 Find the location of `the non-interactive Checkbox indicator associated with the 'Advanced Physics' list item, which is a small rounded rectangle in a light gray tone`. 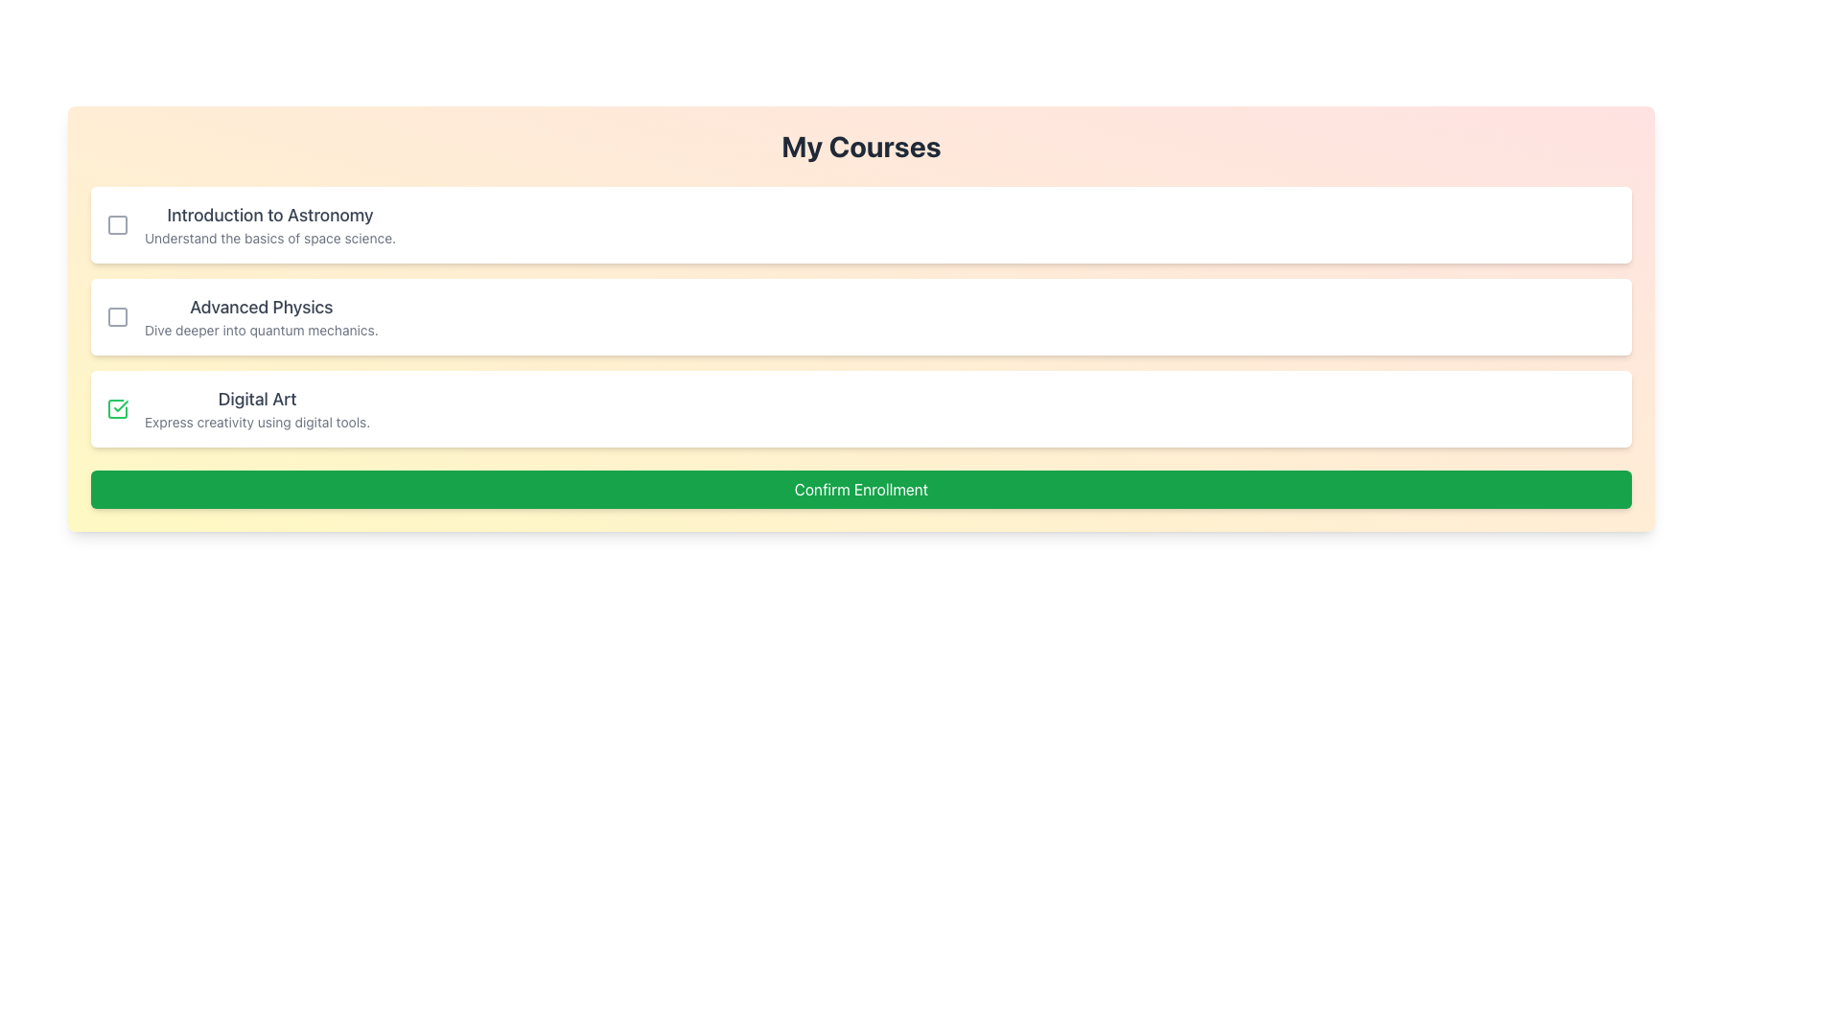

the non-interactive Checkbox indicator associated with the 'Advanced Physics' list item, which is a small rounded rectangle in a light gray tone is located at coordinates (117, 316).